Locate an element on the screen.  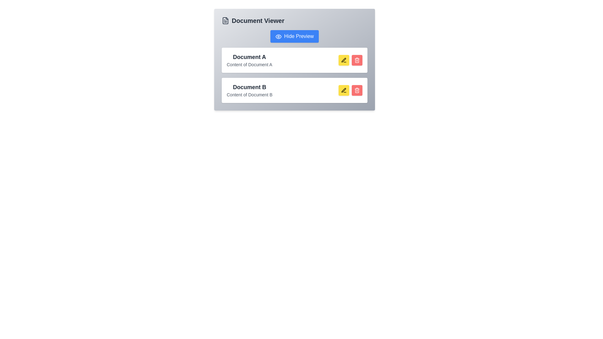
the delete button located in the top-most element of the two rows, positioned to the right of the yellow edit button is located at coordinates (357, 60).